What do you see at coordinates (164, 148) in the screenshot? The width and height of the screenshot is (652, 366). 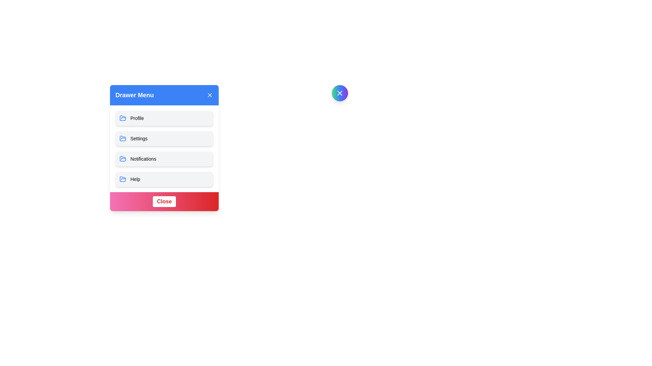 I see `the vertical navigation menu located centrally beneath the 'Drawer Menu' title bar to enable keyboard navigation` at bounding box center [164, 148].